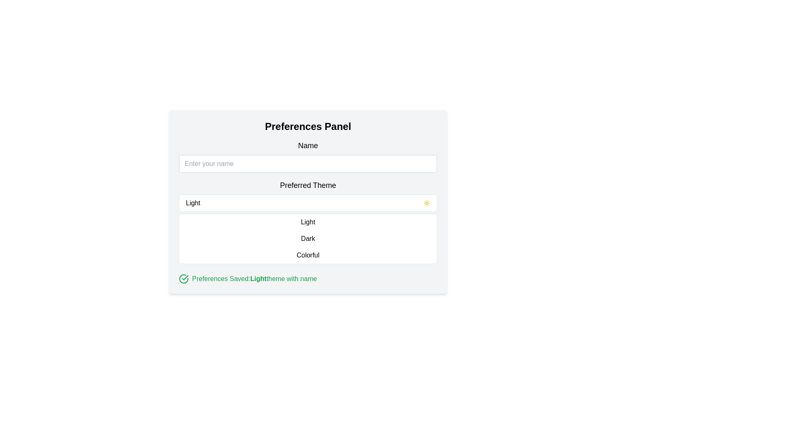  What do you see at coordinates (308, 229) in the screenshot?
I see `the options in the Dropdown menu located in the 'Preferred Theme' section of the 'Preferences Panel'` at bounding box center [308, 229].